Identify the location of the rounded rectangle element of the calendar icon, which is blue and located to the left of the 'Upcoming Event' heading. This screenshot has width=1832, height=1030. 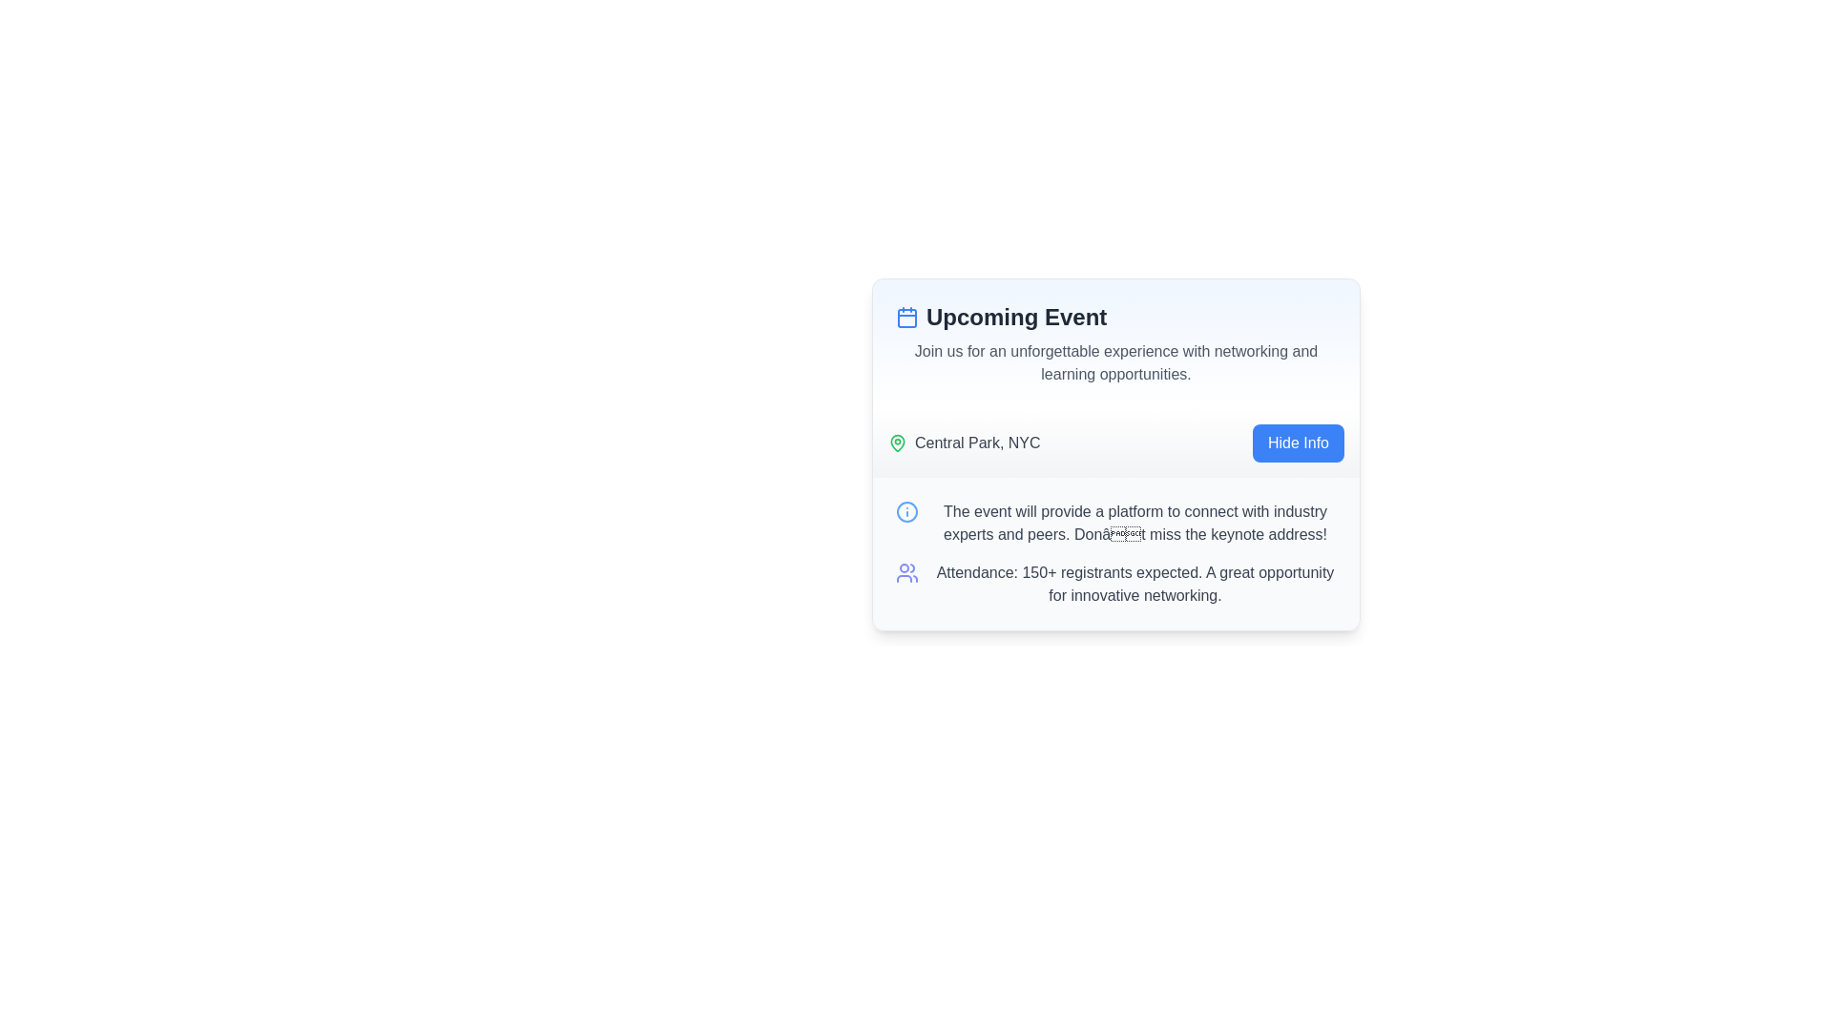
(906, 318).